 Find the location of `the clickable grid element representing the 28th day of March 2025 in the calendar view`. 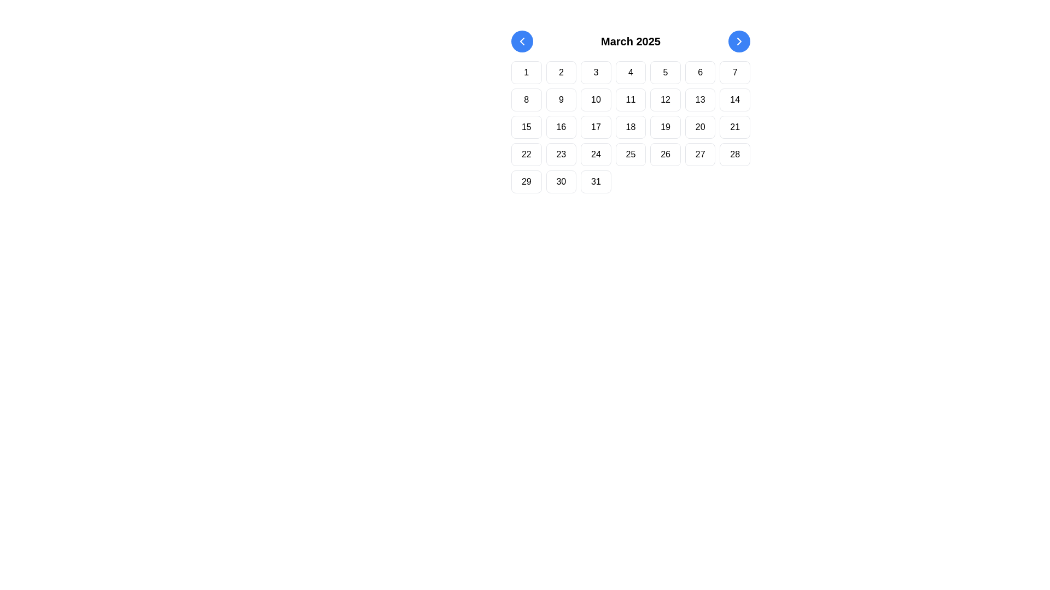

the clickable grid element representing the 28th day of March 2025 in the calendar view is located at coordinates (735, 154).